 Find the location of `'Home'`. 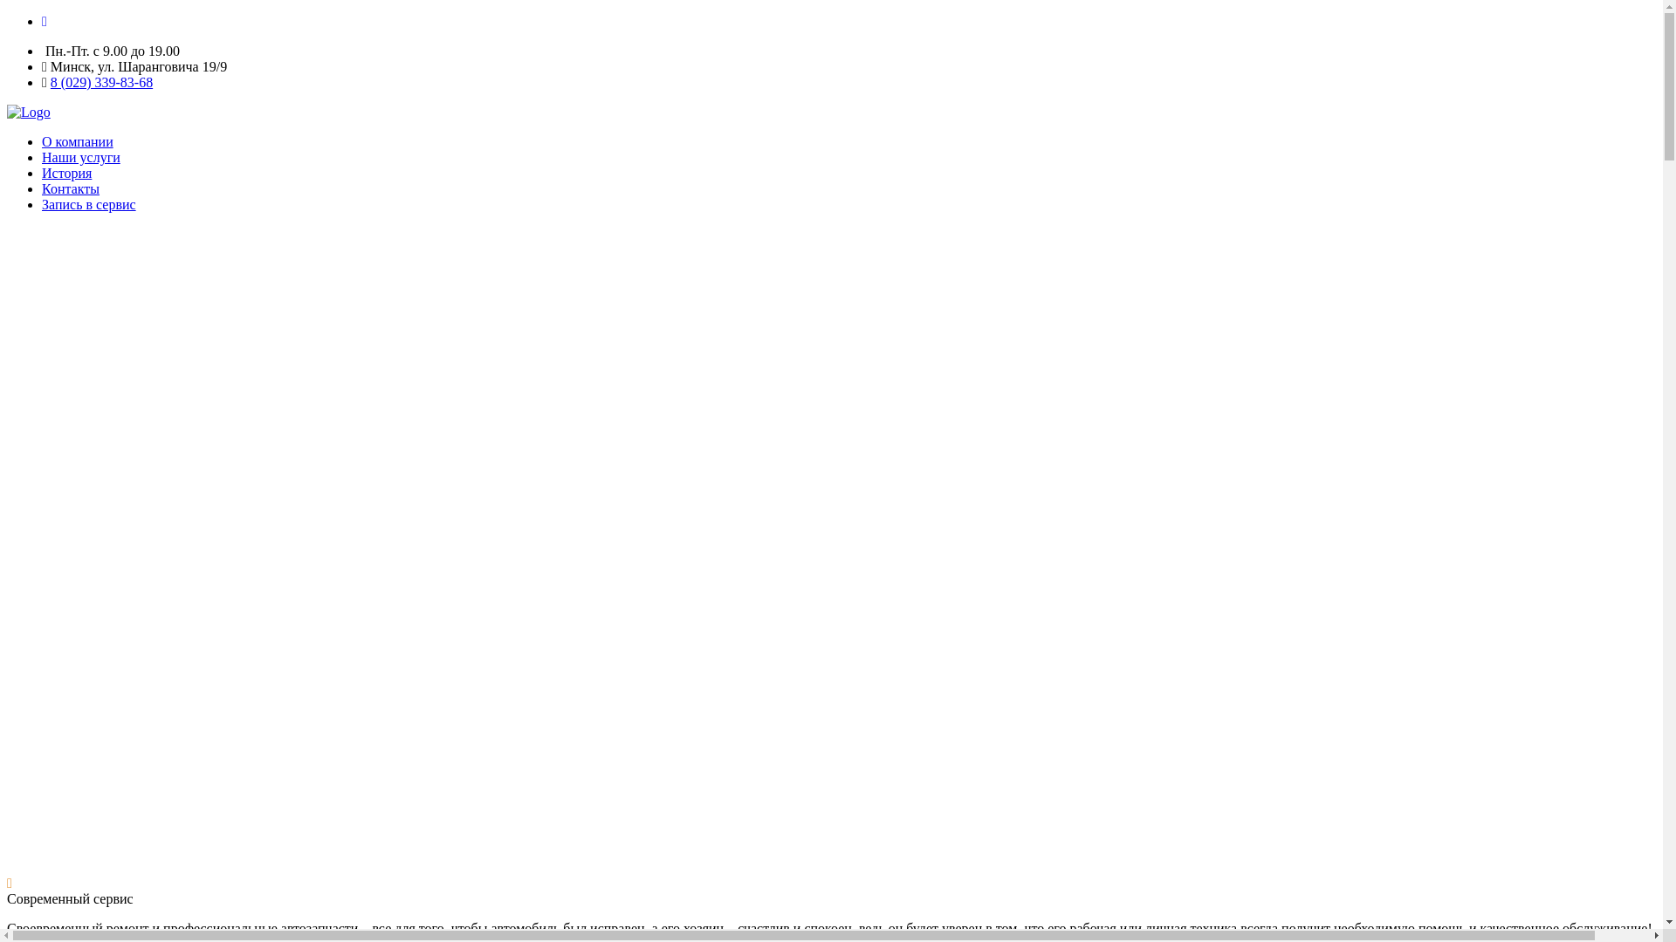

'Home' is located at coordinates (29, 112).